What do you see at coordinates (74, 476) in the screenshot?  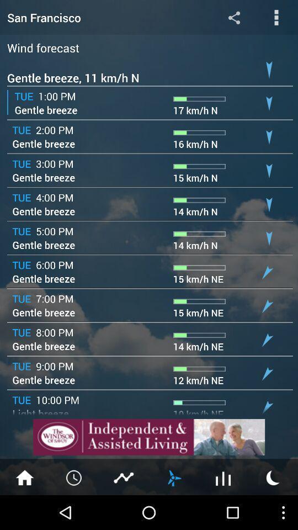 I see `choose other time` at bounding box center [74, 476].